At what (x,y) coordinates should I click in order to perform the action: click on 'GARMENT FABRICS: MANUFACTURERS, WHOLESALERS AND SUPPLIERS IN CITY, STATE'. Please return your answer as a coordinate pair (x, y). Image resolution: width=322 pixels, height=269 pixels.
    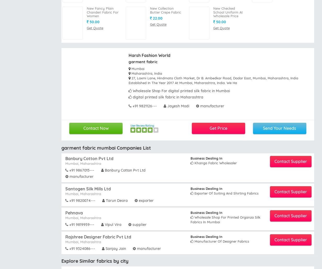
    Looking at the image, I should click on (61, 167).